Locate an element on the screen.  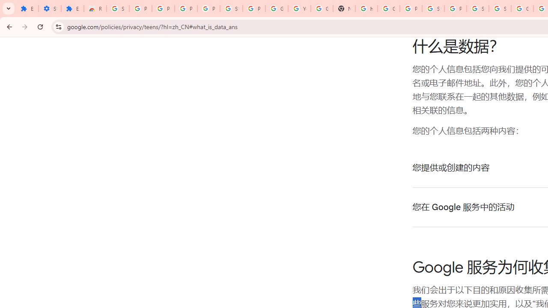
'Extensions' is located at coordinates (27, 9).